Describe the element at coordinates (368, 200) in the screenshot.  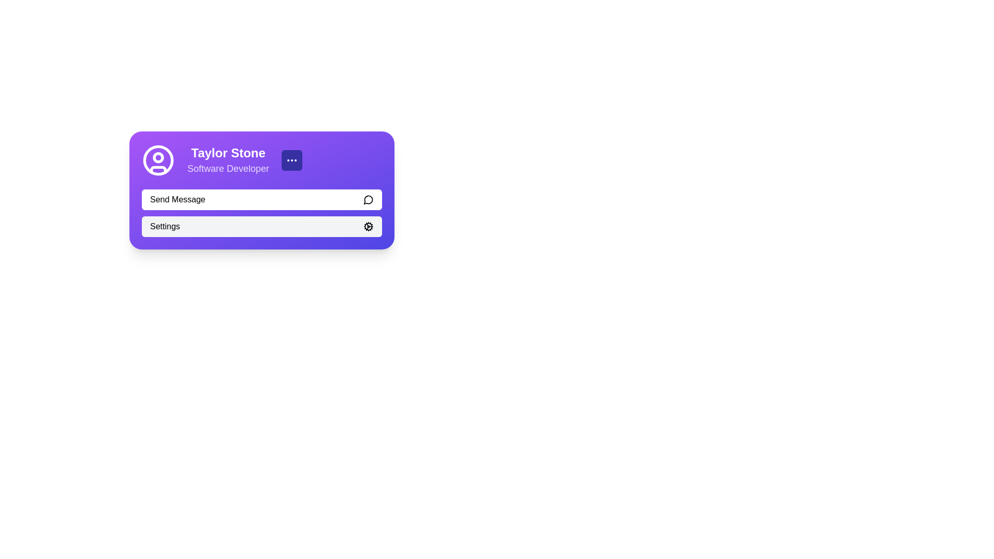
I see `the SVG-based visual icon element located in the top-right corner of the card-like interface, which represents a message or communication-related function` at that location.